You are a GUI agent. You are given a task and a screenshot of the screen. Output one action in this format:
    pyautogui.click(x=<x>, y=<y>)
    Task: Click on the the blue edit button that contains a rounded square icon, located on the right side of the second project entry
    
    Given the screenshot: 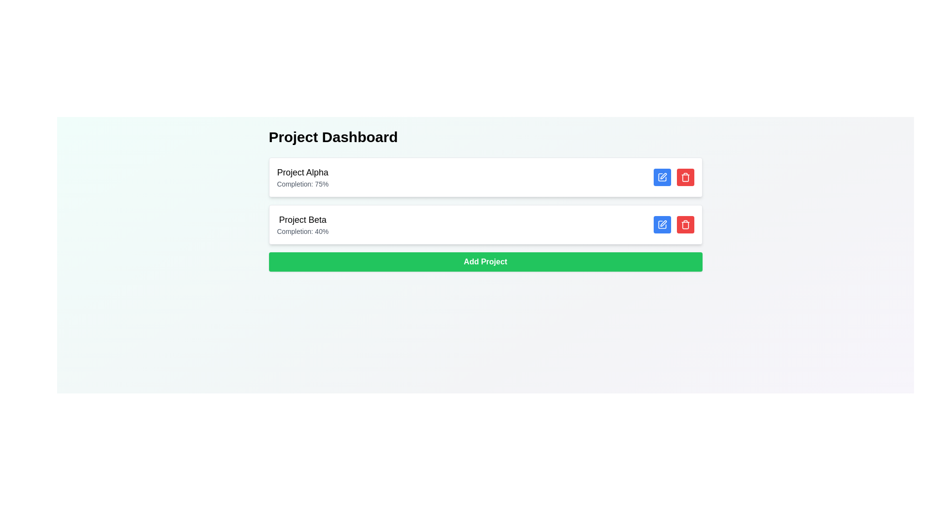 What is the action you would take?
    pyautogui.click(x=661, y=177)
    